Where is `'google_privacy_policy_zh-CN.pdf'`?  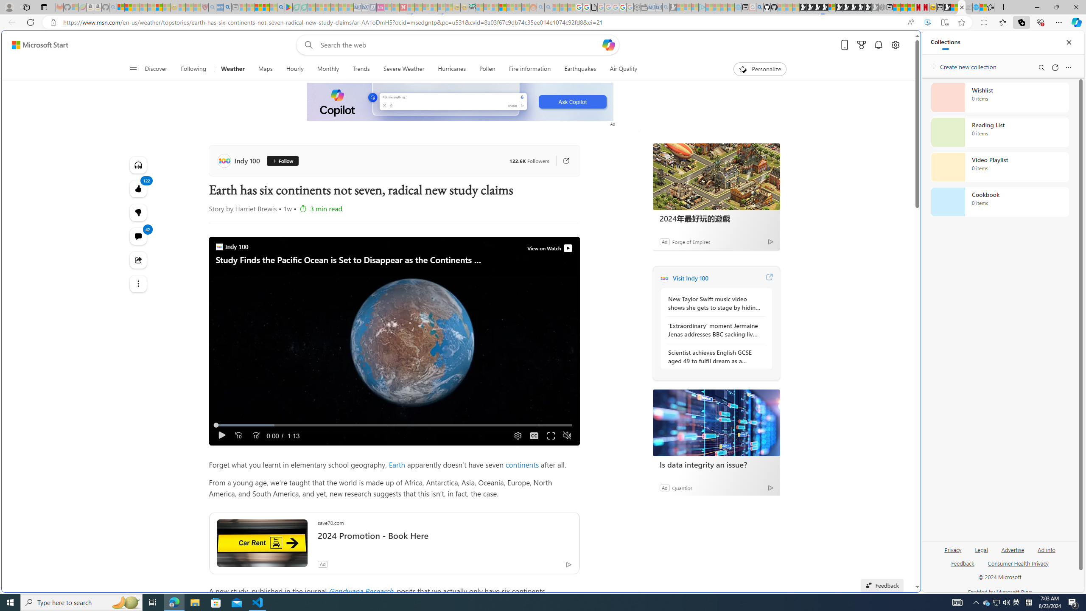
'google_privacy_policy_zh-CN.pdf' is located at coordinates (834, 509).